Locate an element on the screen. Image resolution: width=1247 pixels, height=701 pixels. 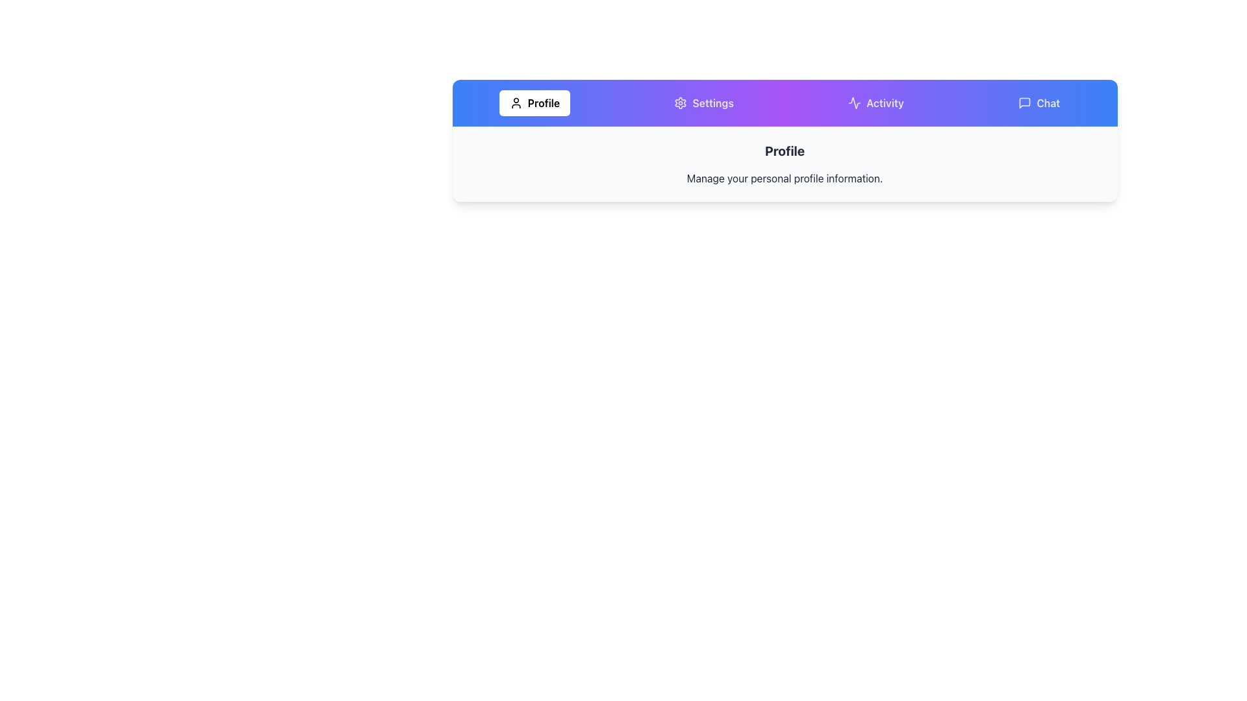
the zigzag line icon that resembles an activity graph, which is located adjacent to the 'Activity' label text in the navigation bar is located at coordinates (855, 102).